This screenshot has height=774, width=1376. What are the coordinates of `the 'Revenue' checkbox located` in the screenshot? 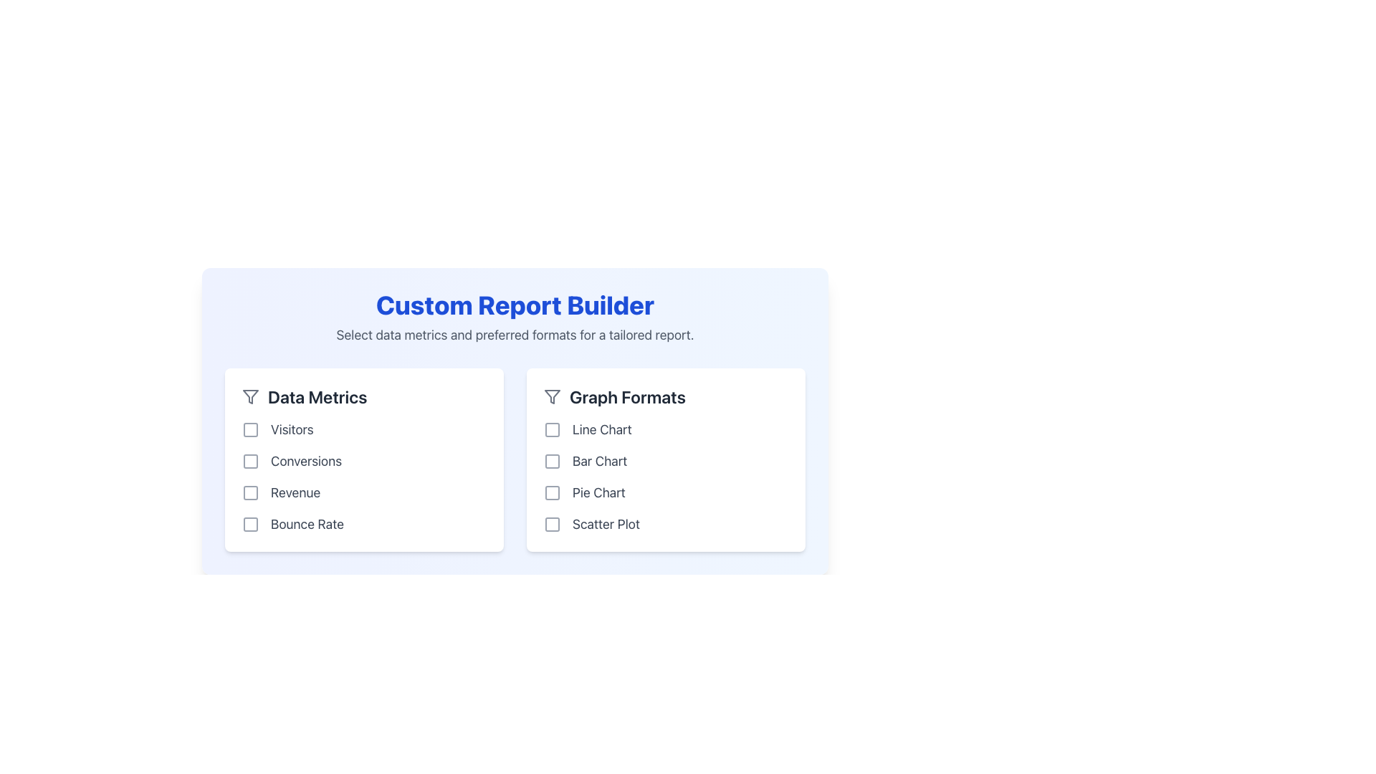 It's located at (364, 492).